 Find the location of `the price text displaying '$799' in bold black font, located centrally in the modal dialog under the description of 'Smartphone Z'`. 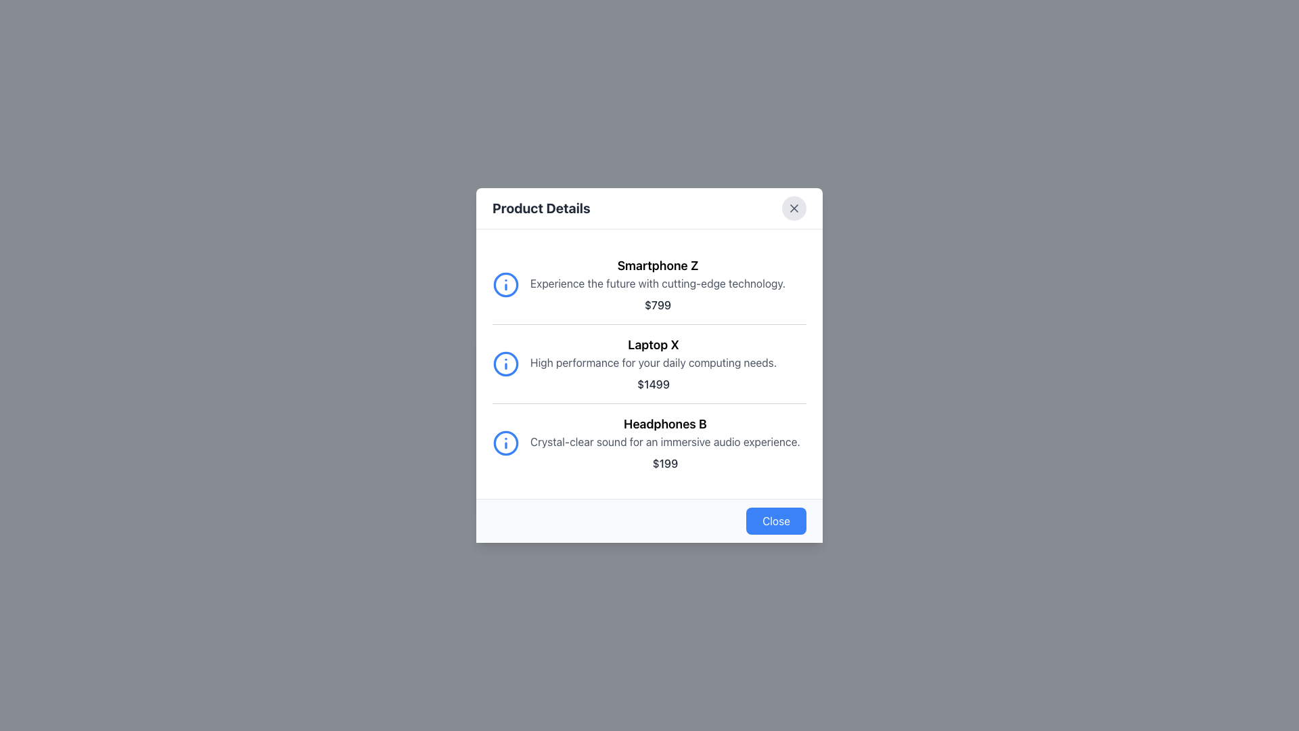

the price text displaying '$799' in bold black font, located centrally in the modal dialog under the description of 'Smartphone Z' is located at coordinates (658, 305).